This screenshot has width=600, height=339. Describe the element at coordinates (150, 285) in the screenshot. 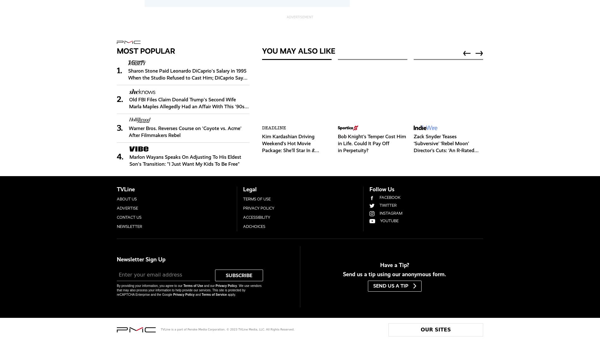

I see `'By providing your information, you agree to our'` at that location.